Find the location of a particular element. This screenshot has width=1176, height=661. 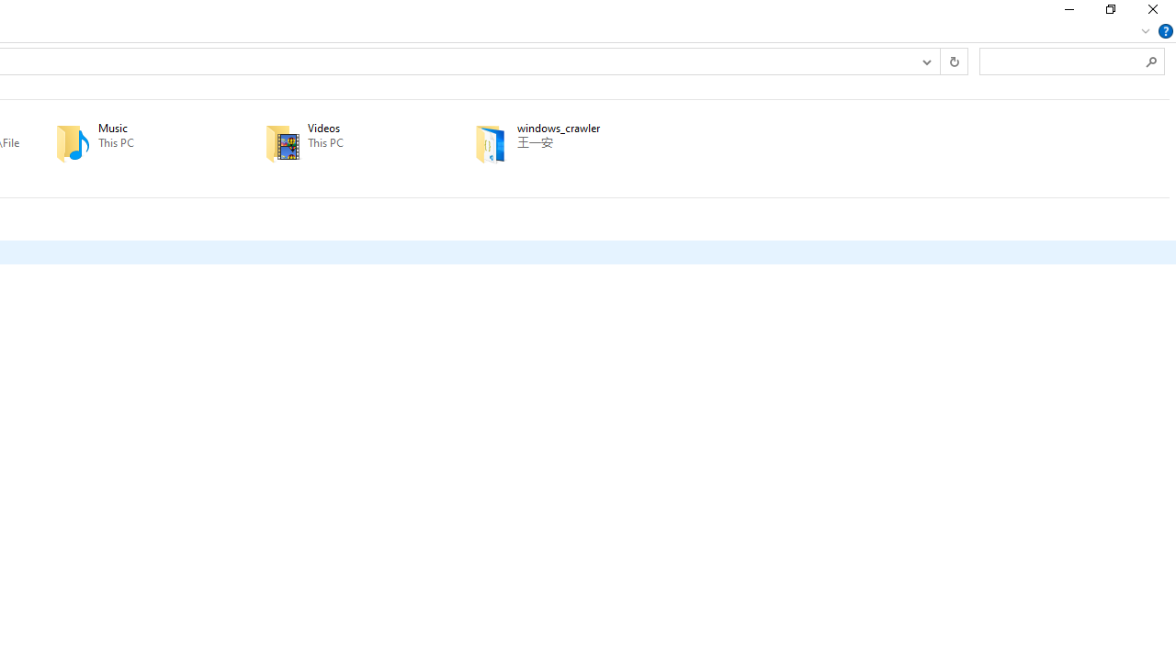

'Address band toolbar' is located at coordinates (940, 60).